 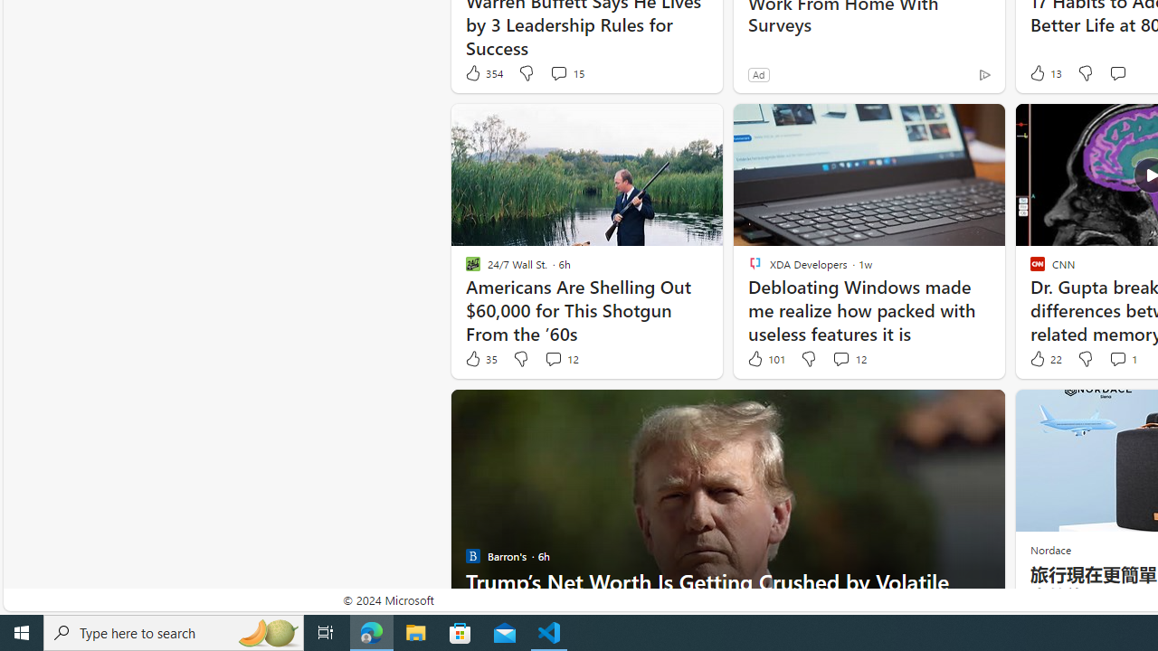 I want to click on '35 Like', so click(x=480, y=359).